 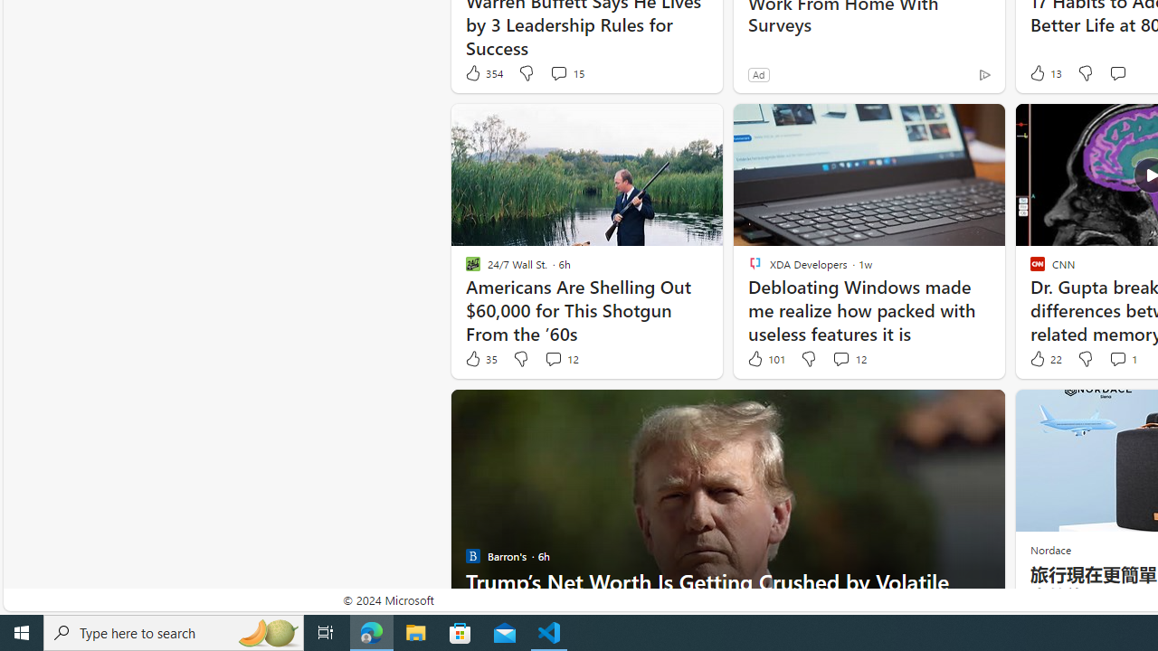 I want to click on '35 Like', so click(x=480, y=359).